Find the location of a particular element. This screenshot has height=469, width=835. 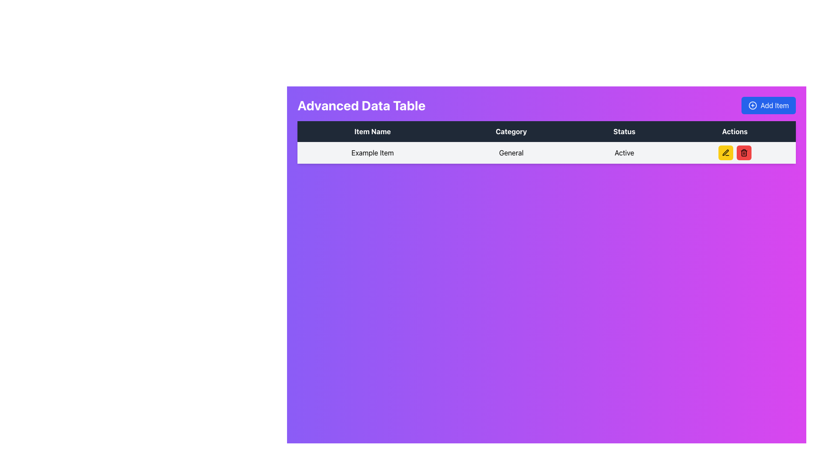

text from the 'General' label in the second cell of the data table under the 'Category' column is located at coordinates (511, 152).